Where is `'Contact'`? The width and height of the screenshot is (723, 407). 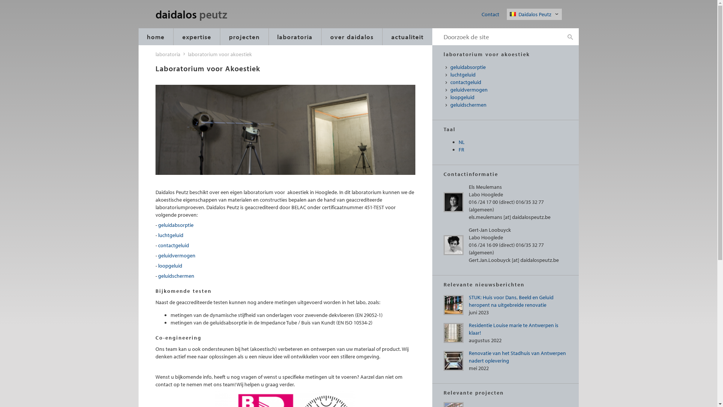
'Contact' is located at coordinates (490, 14).